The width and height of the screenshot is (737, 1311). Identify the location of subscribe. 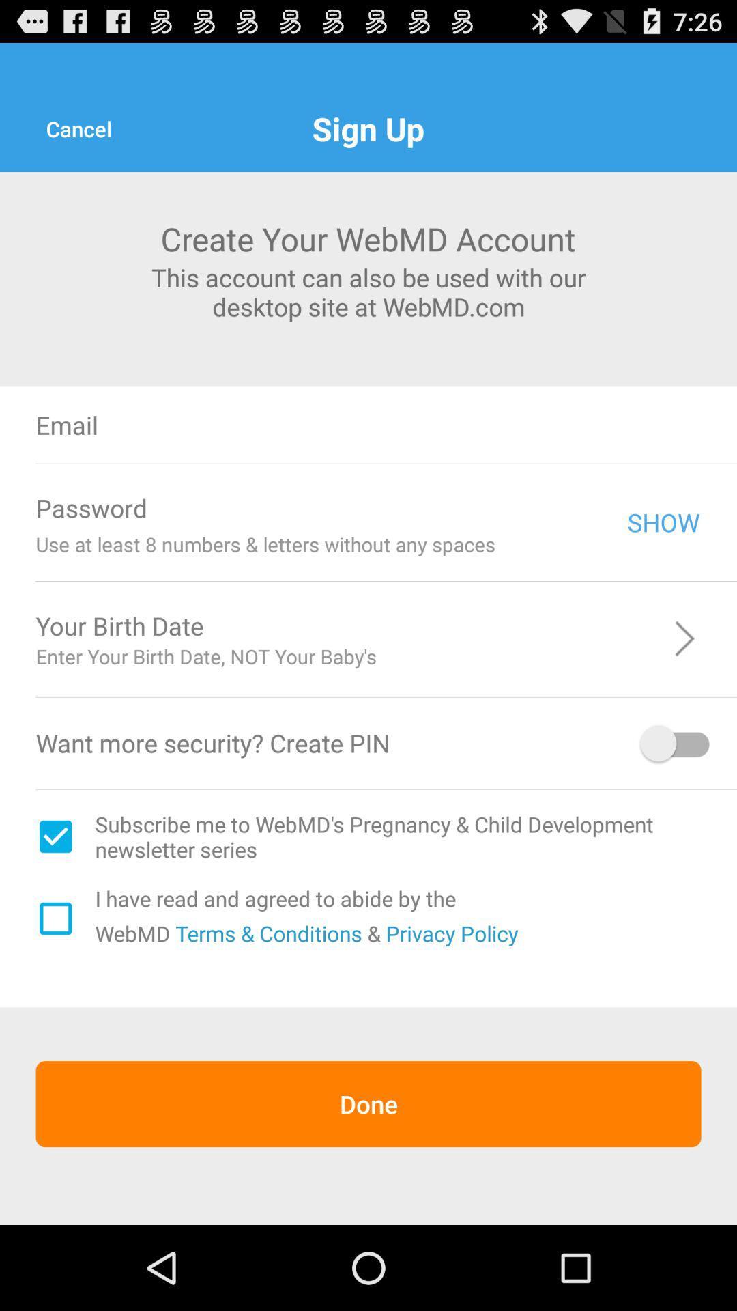
(55, 836).